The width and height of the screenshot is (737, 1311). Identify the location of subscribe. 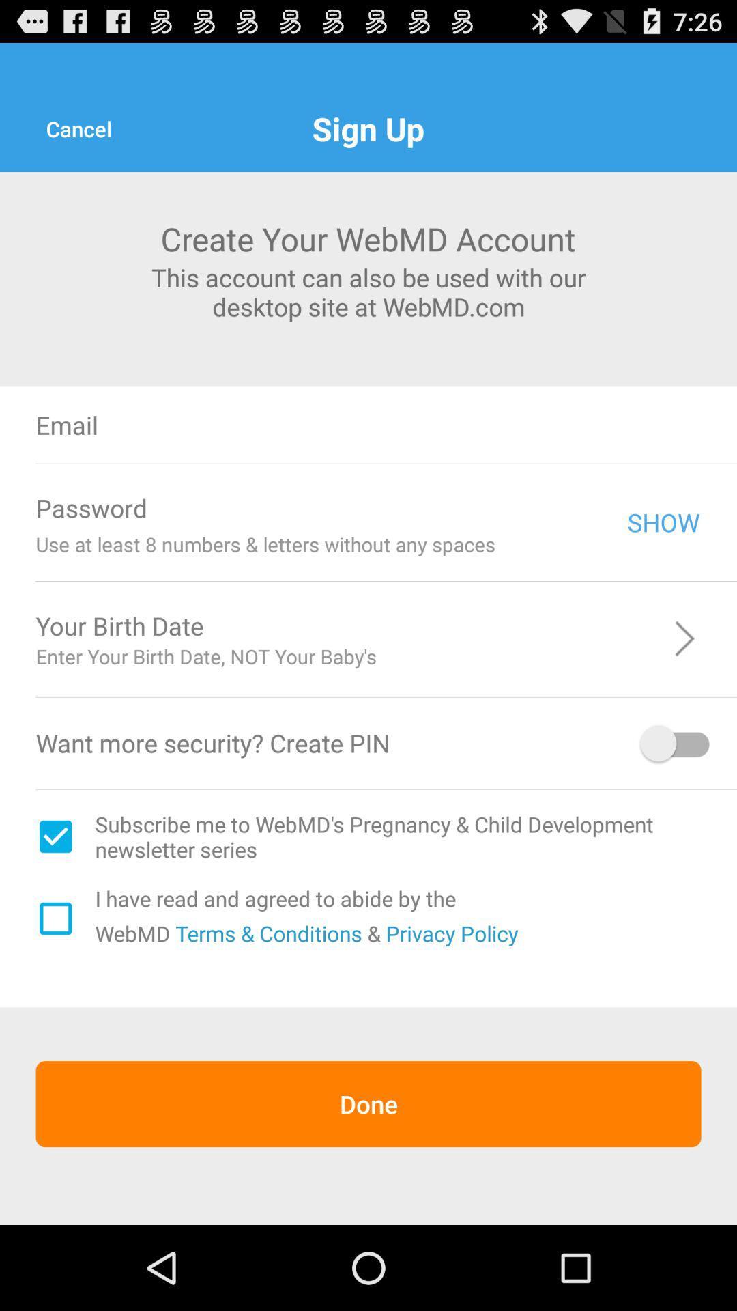
(55, 836).